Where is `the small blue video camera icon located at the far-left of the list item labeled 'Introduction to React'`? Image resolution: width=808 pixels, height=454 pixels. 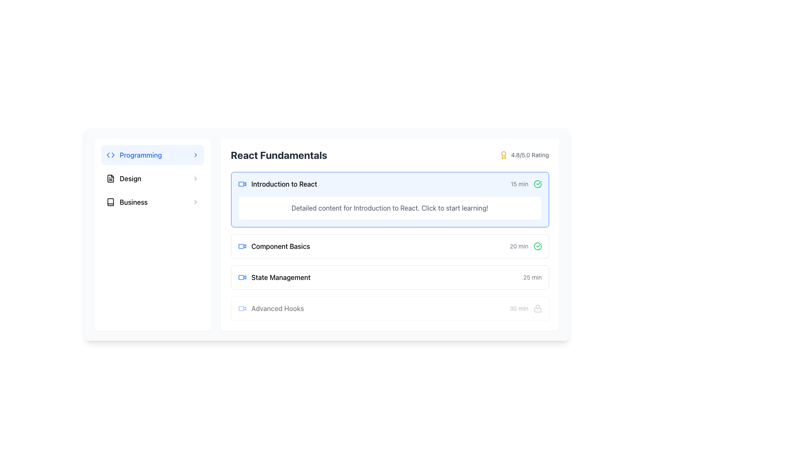
the small blue video camera icon located at the far-left of the list item labeled 'Introduction to React' is located at coordinates (242, 184).